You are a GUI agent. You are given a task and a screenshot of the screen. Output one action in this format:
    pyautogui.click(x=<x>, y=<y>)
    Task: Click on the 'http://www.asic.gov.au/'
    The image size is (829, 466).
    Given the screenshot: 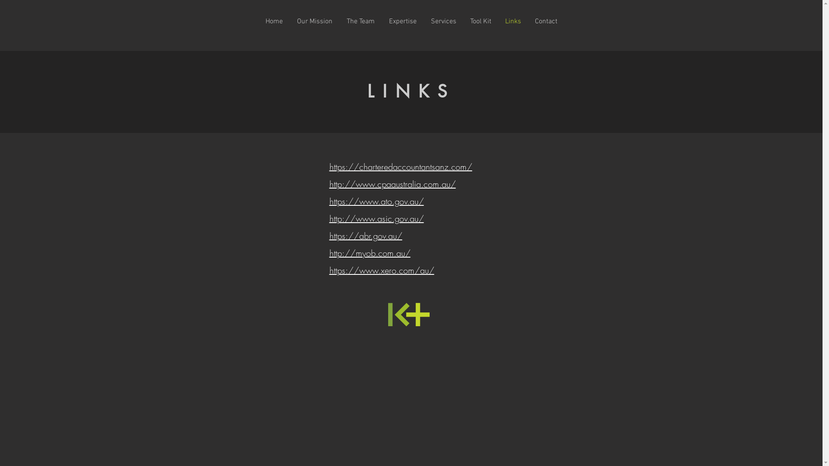 What is the action you would take?
    pyautogui.click(x=376, y=218)
    